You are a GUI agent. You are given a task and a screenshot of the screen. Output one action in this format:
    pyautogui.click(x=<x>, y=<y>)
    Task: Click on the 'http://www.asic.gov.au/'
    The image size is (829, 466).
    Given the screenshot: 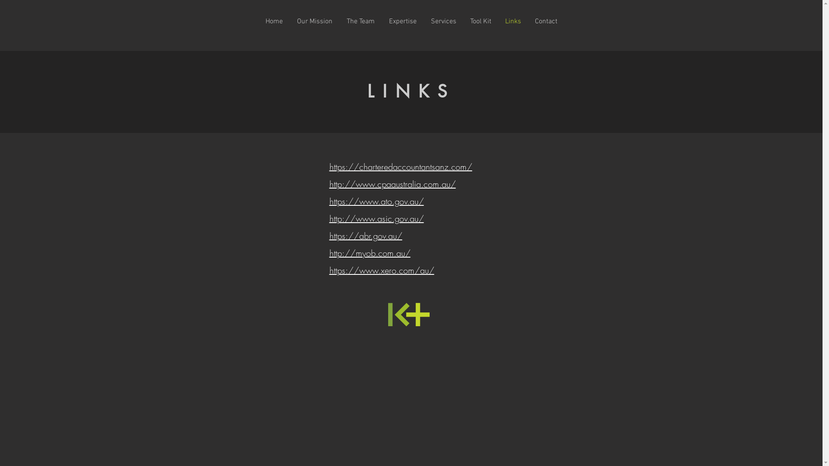 What is the action you would take?
    pyautogui.click(x=376, y=218)
    